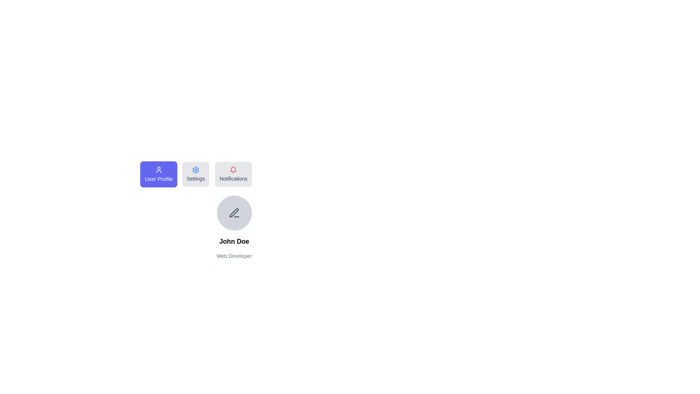  What do you see at coordinates (233, 178) in the screenshot?
I see `'Notifications' text label, which is styled in dark gray and positioned below a bell icon, as part of a clickable button in a horizontally-aligned group` at bounding box center [233, 178].